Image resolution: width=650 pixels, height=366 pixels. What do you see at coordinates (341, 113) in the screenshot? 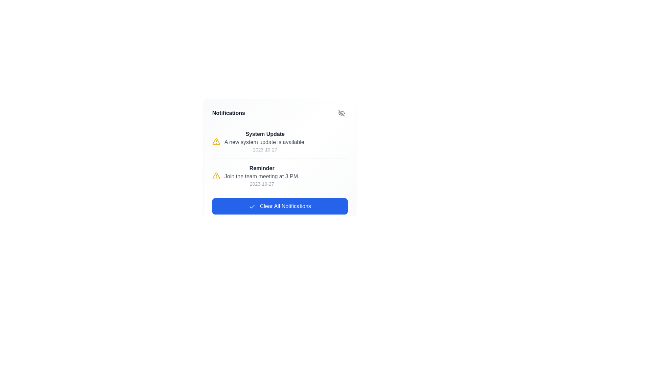
I see `the circular icon button with an eye and slash graphic in the top-right corner of the notification interface` at bounding box center [341, 113].